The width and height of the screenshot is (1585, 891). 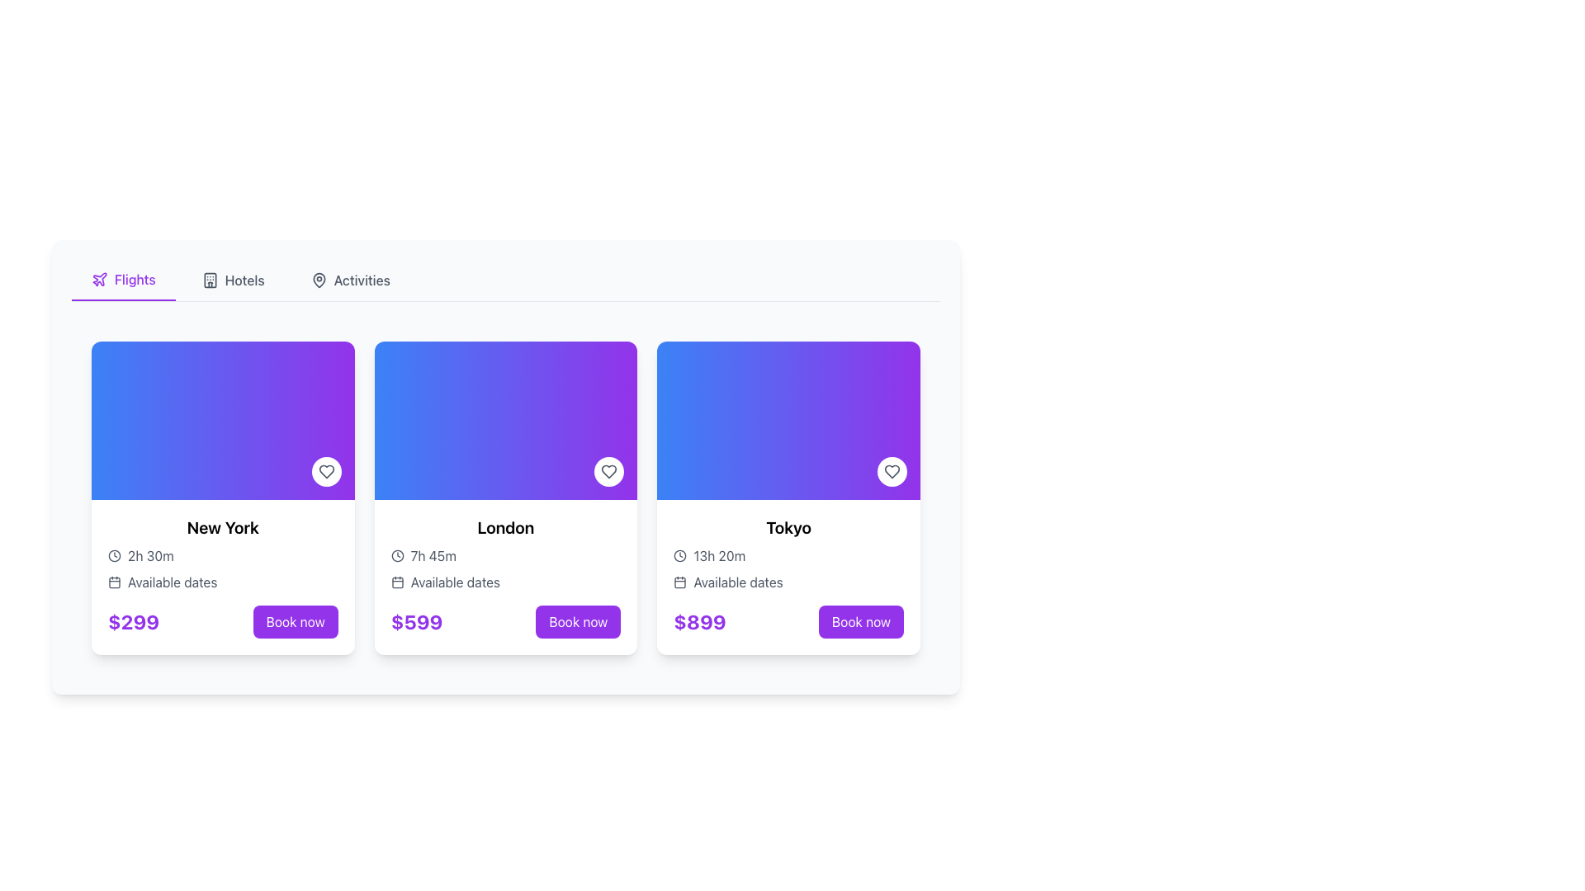 What do you see at coordinates (578, 621) in the screenshot?
I see `the booking button for the London trip located at the bottom right of the card displaying '$599'` at bounding box center [578, 621].